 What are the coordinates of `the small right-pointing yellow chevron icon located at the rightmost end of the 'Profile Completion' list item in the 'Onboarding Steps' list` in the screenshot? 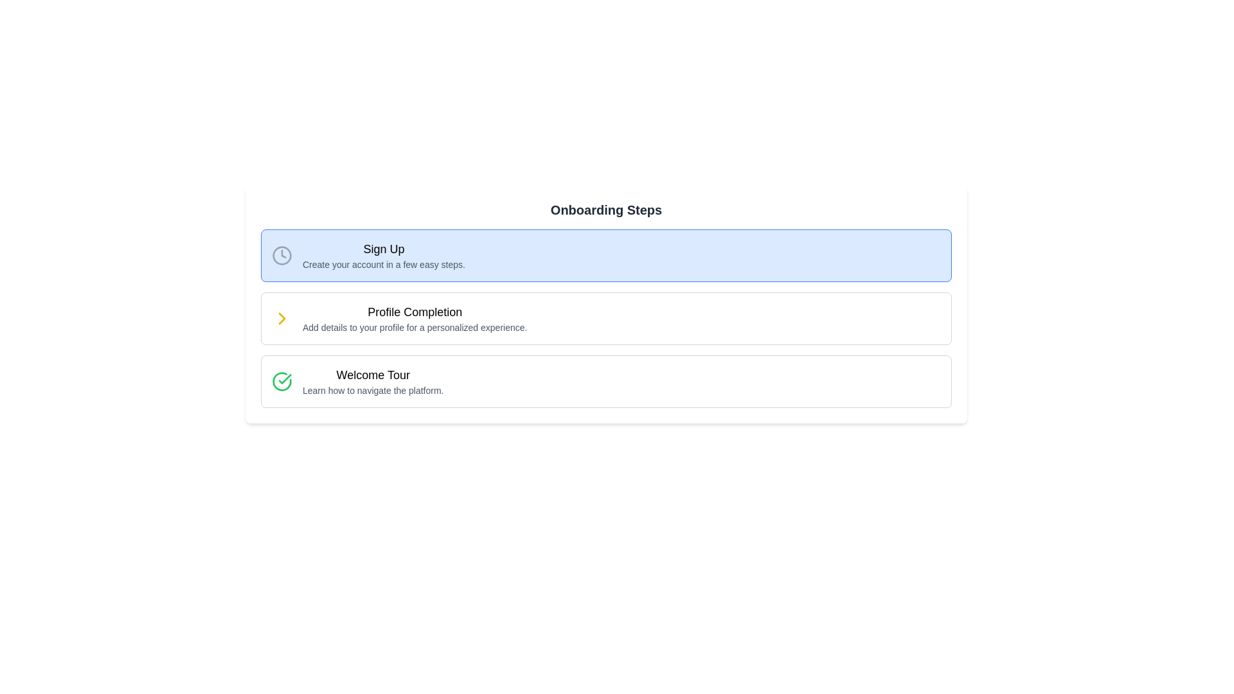 It's located at (281, 318).